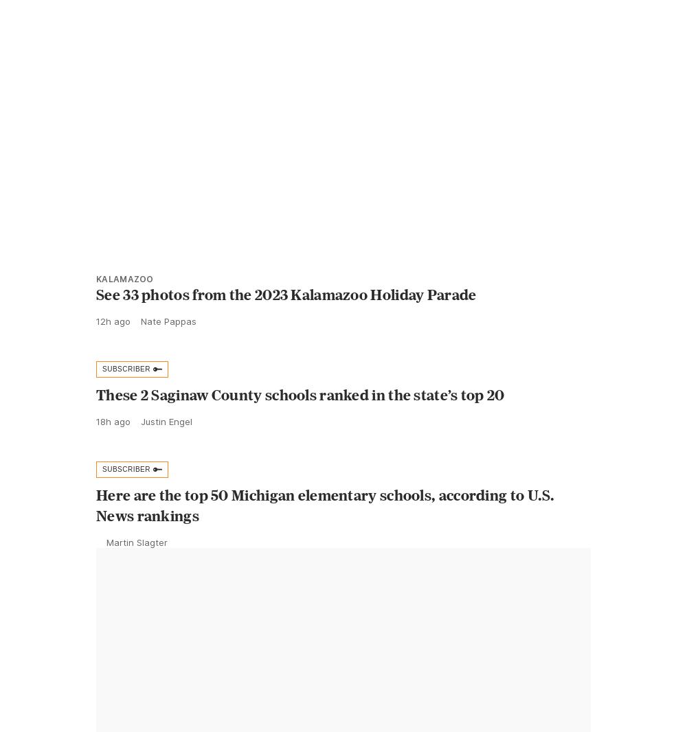 This screenshot has height=732, width=687. I want to click on 'Justin Engel', so click(166, 451).